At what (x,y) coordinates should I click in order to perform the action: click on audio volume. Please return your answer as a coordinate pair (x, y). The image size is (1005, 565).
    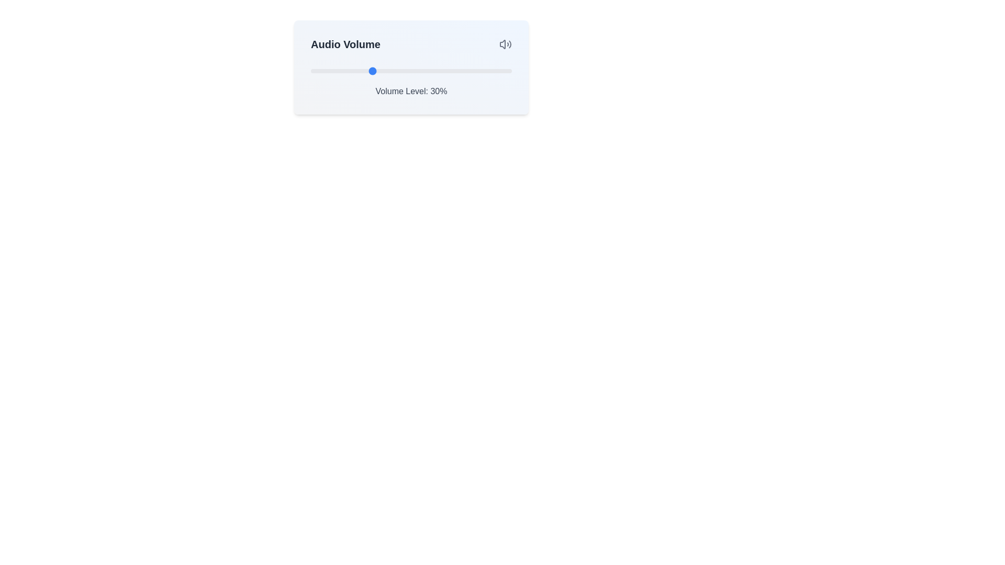
    Looking at the image, I should click on (506, 71).